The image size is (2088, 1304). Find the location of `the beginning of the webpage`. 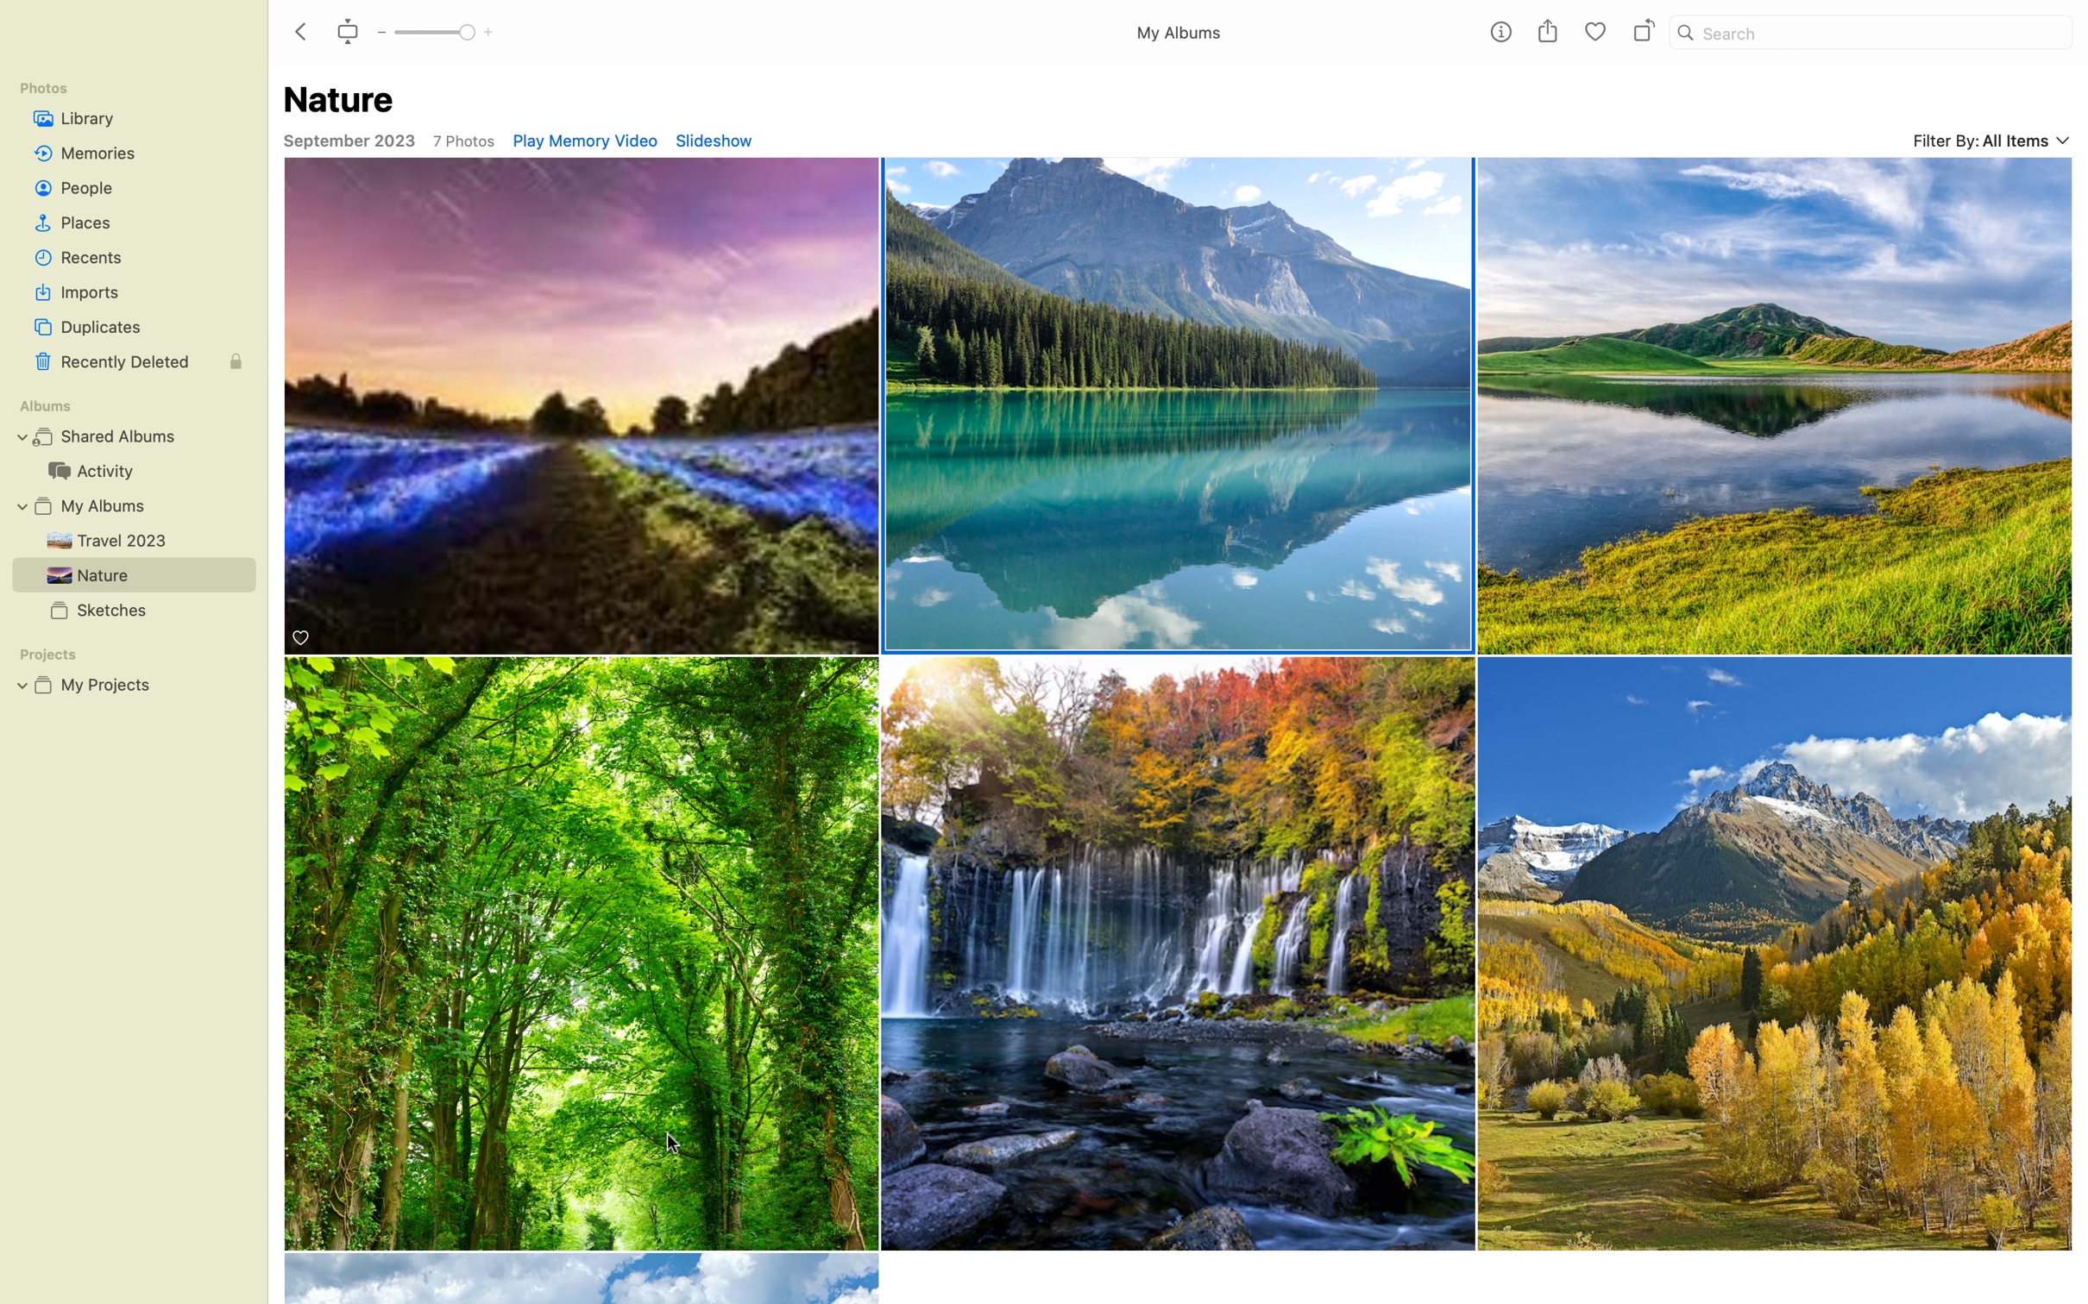

the beginning of the webpage is located at coordinates (3965112, 1536112).